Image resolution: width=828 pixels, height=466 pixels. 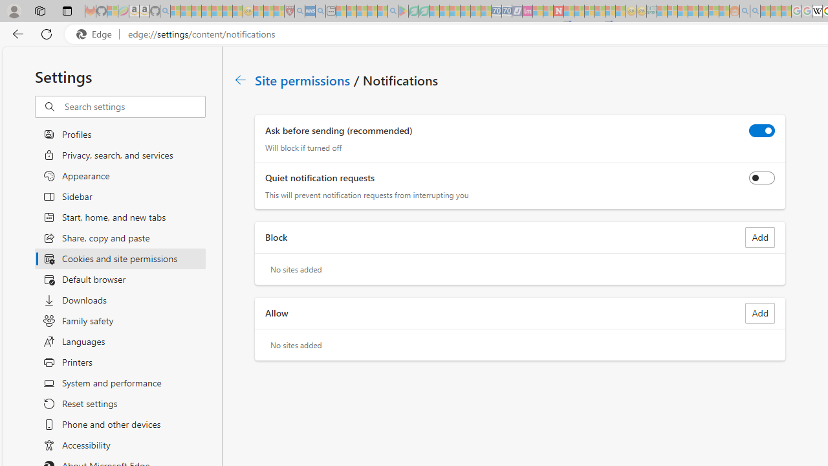 I want to click on 'Jobs - lastminute.com Investor Portal - Sleeping', so click(x=527, y=11).